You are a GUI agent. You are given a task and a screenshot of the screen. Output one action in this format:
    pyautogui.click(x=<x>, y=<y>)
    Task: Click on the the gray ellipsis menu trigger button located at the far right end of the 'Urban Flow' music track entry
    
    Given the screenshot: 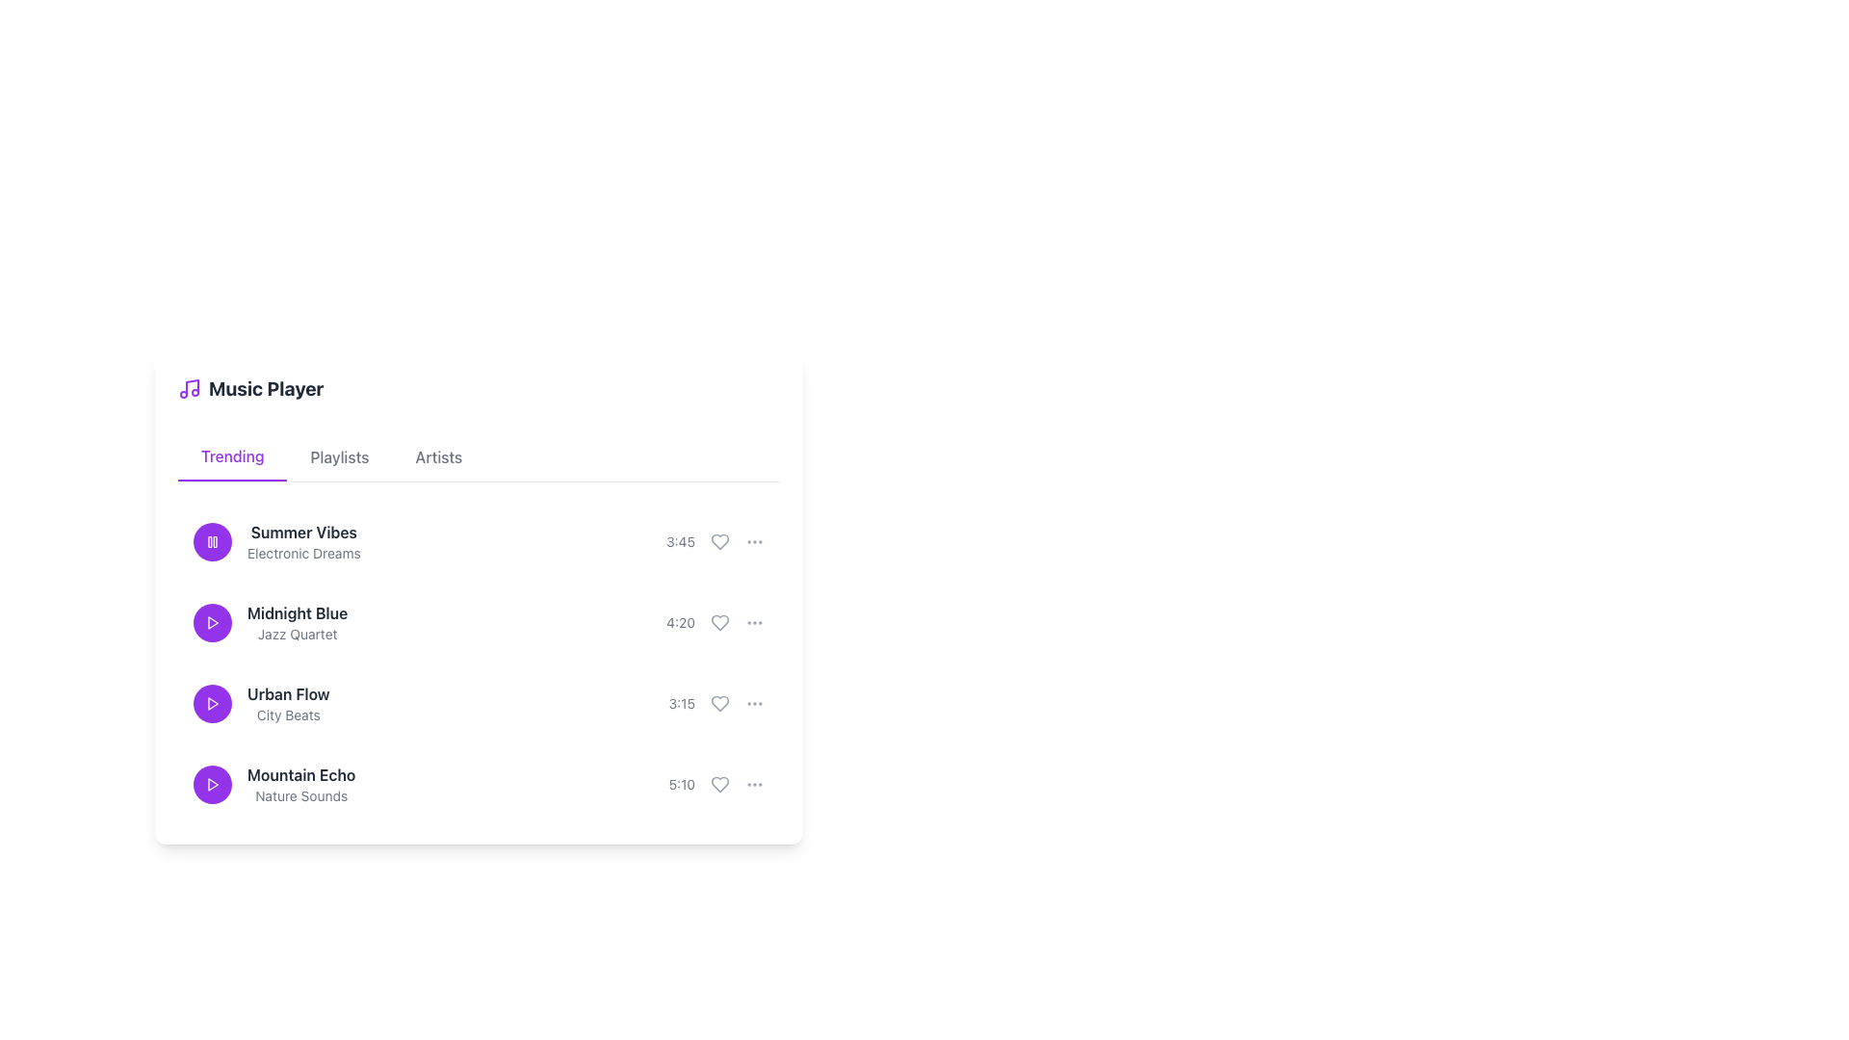 What is the action you would take?
    pyautogui.click(x=753, y=704)
    